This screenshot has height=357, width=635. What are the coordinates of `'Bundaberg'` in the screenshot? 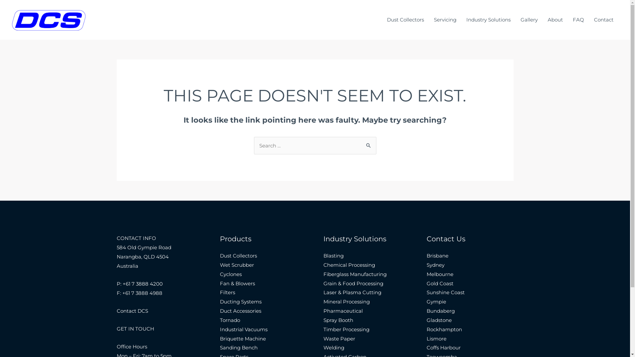 It's located at (441, 311).